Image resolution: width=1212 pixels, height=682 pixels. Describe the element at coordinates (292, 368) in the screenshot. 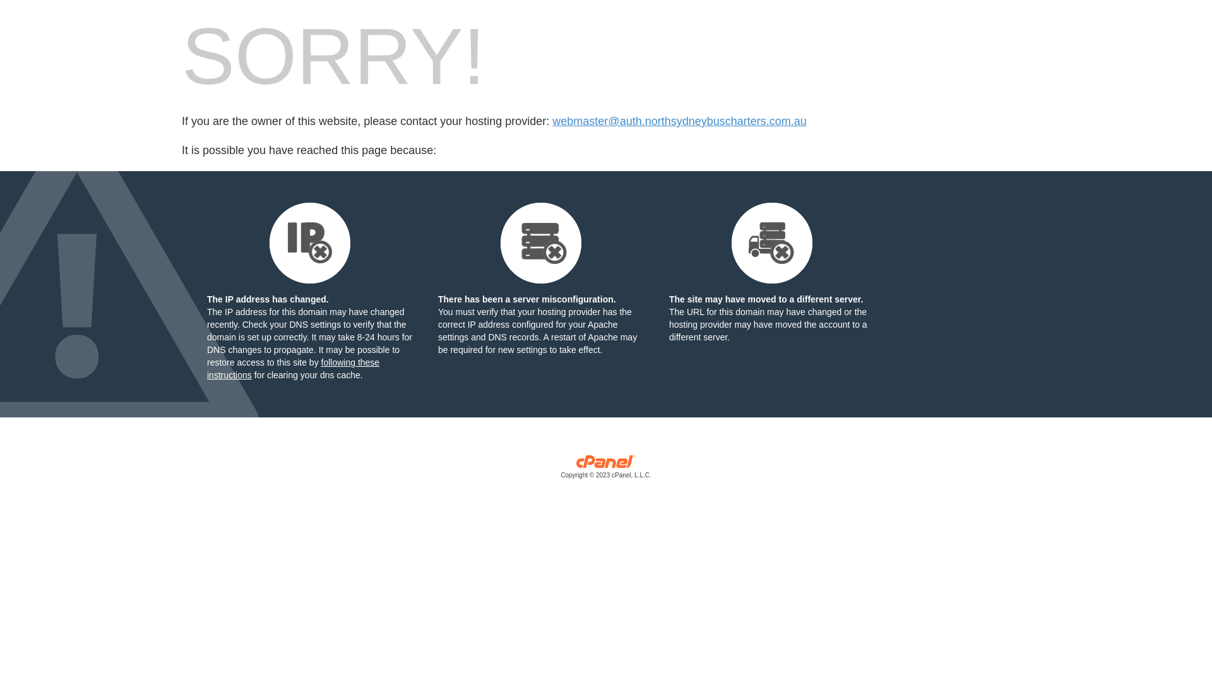

I see `'following these instructions'` at that location.